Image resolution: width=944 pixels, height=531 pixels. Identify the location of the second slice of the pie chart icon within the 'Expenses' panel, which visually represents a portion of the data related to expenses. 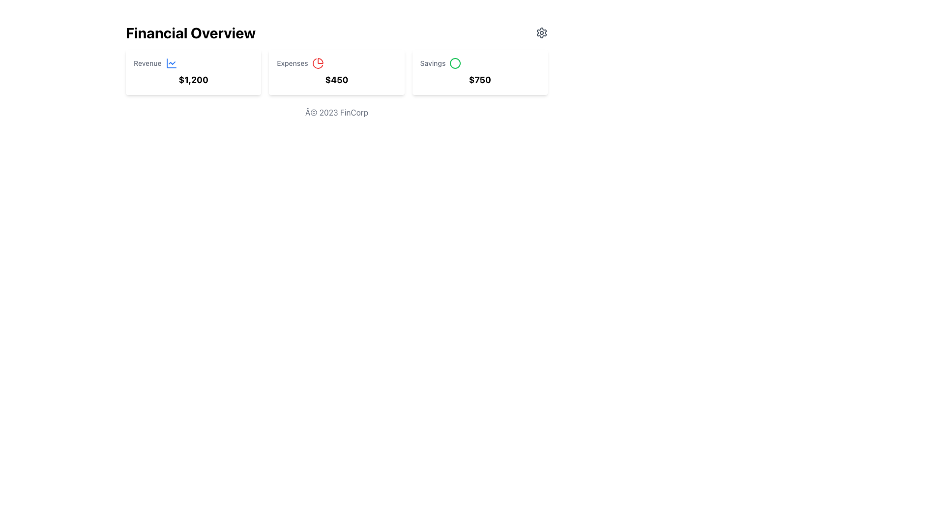
(318, 63).